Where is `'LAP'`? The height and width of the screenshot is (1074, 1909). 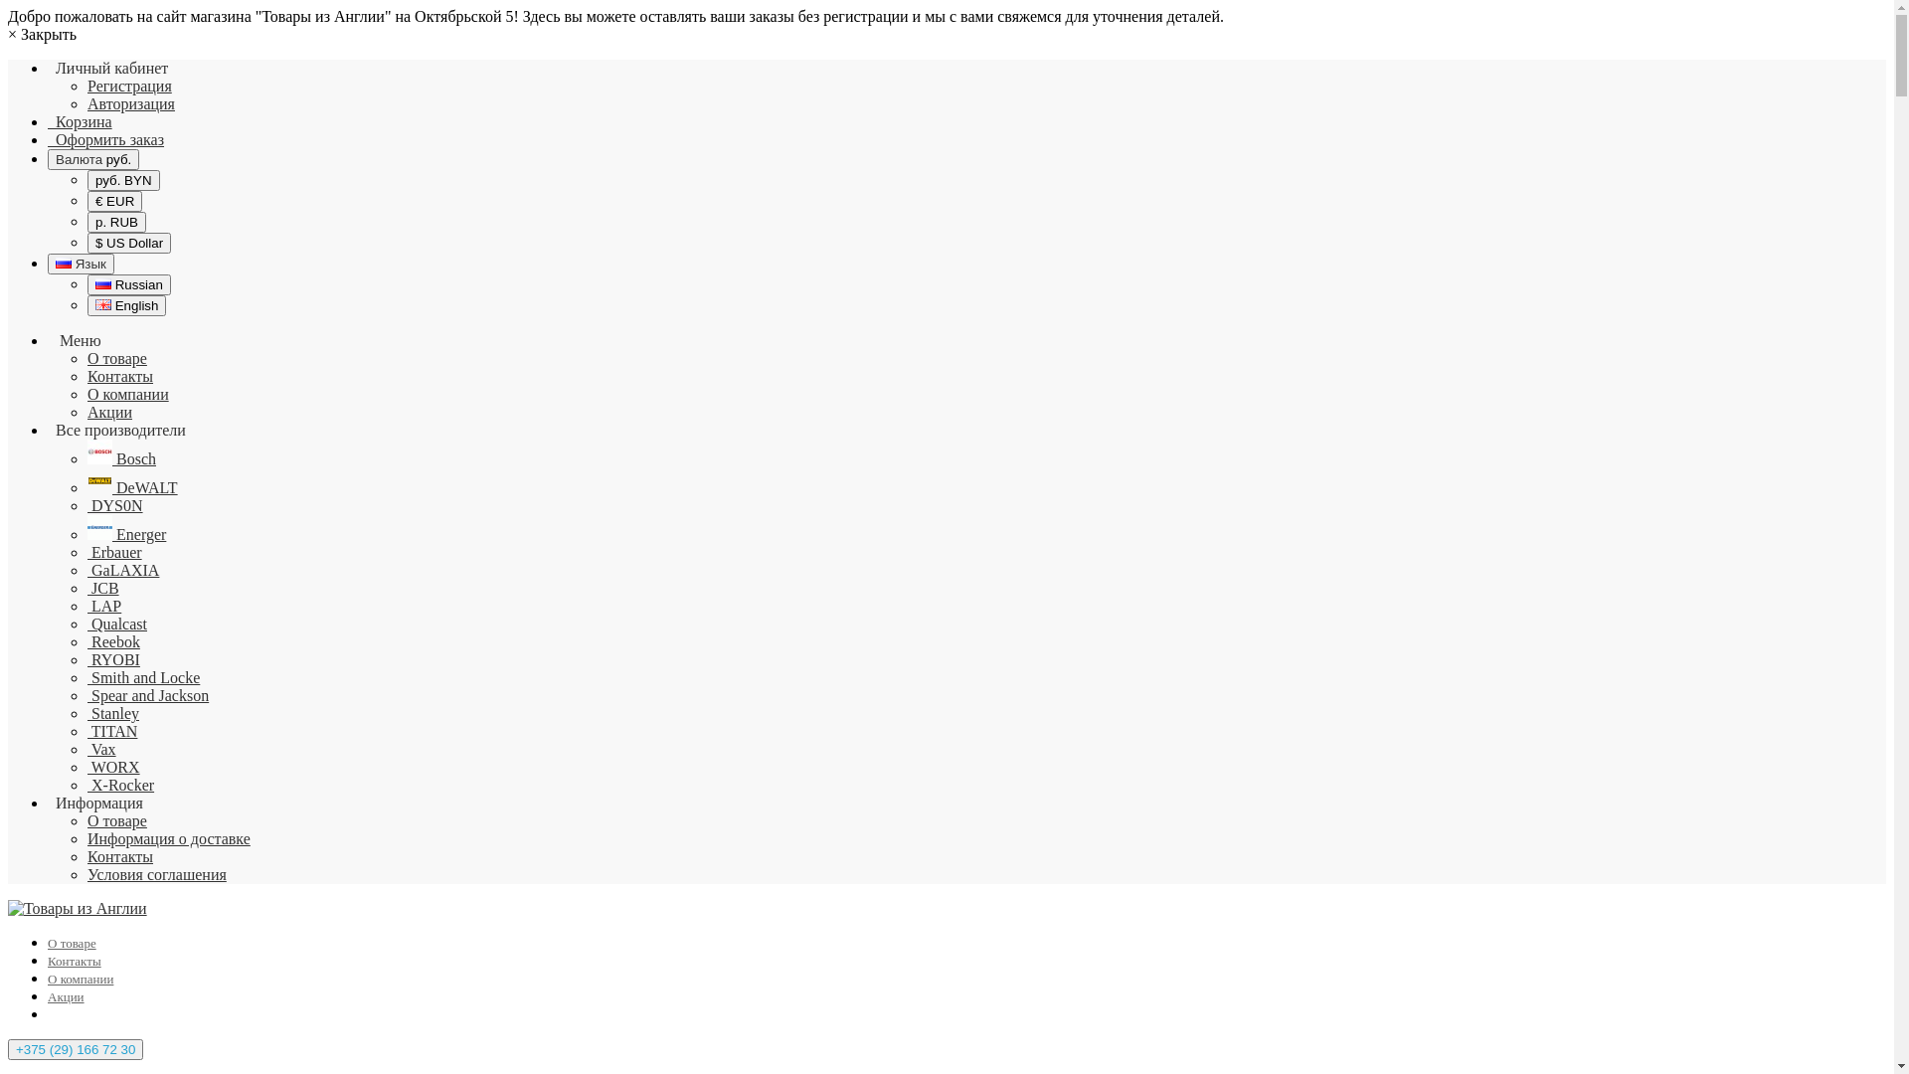
'LAP' is located at coordinates (103, 605).